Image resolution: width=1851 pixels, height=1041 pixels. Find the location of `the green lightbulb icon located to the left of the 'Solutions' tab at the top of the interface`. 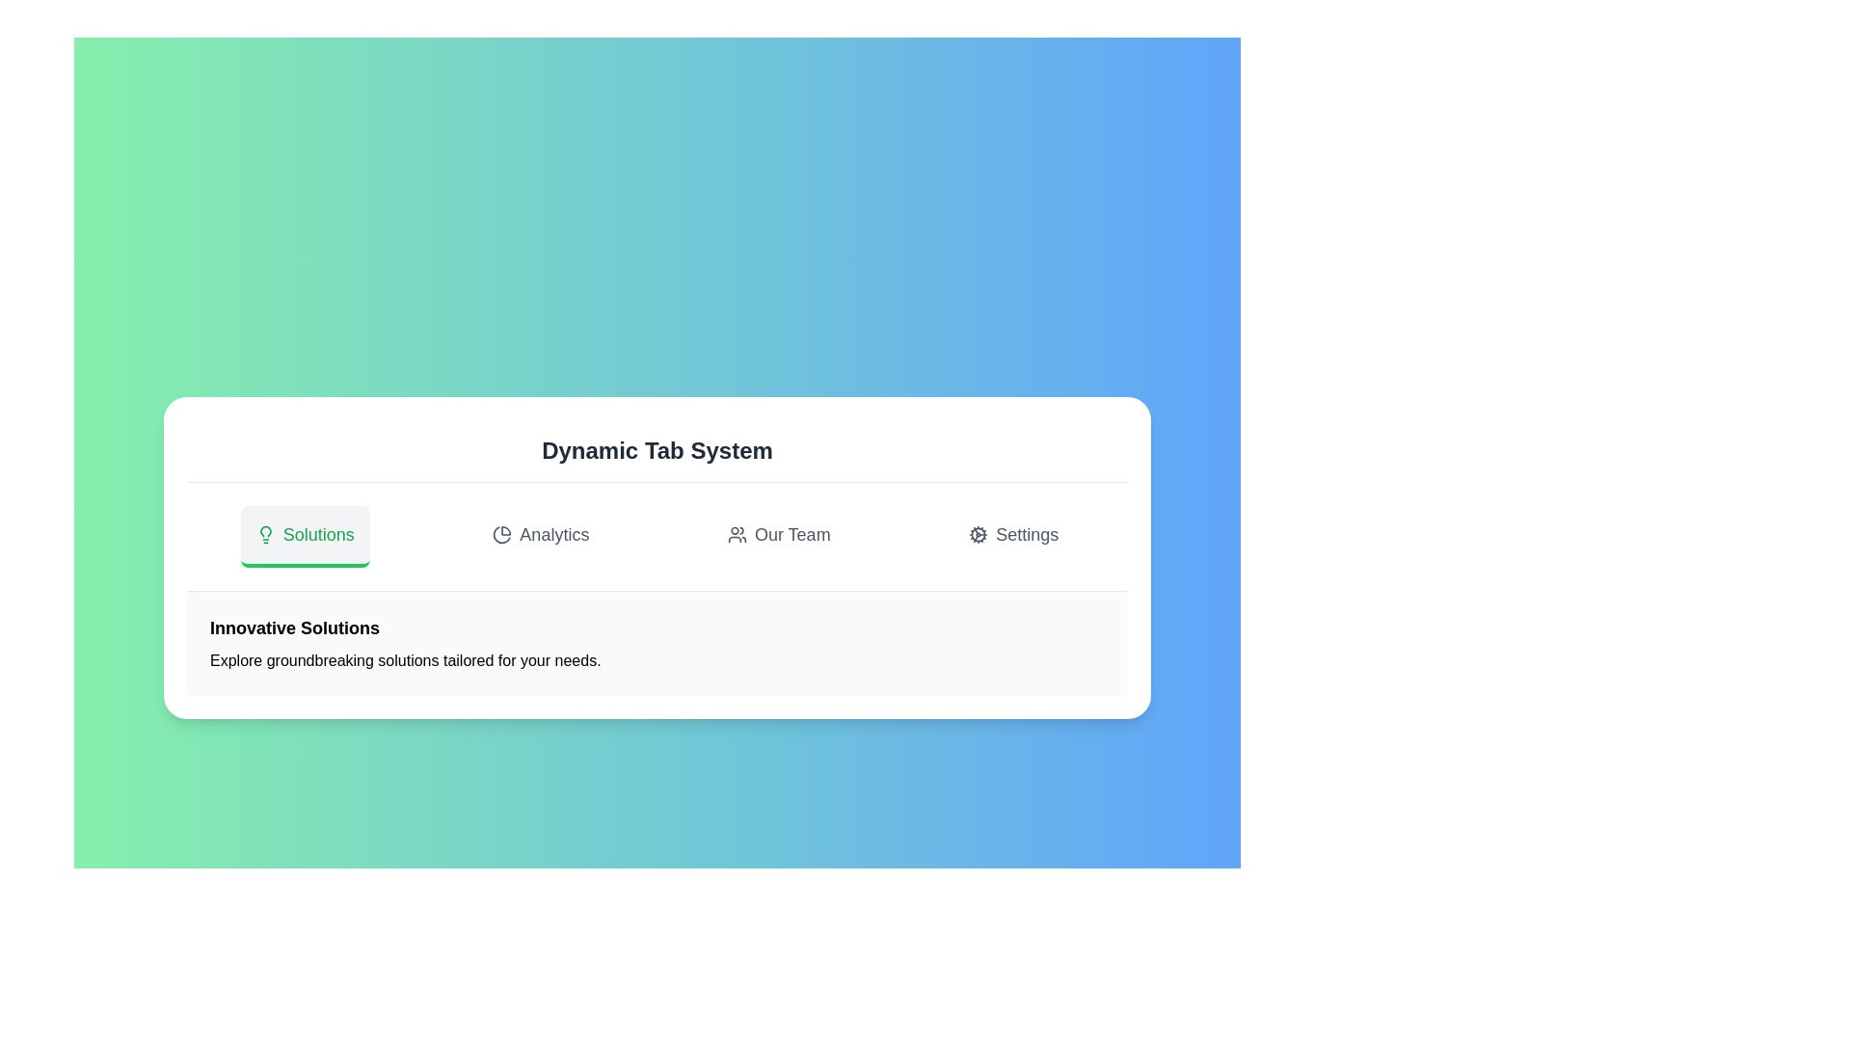

the green lightbulb icon located to the left of the 'Solutions' tab at the top of the interface is located at coordinates (264, 535).